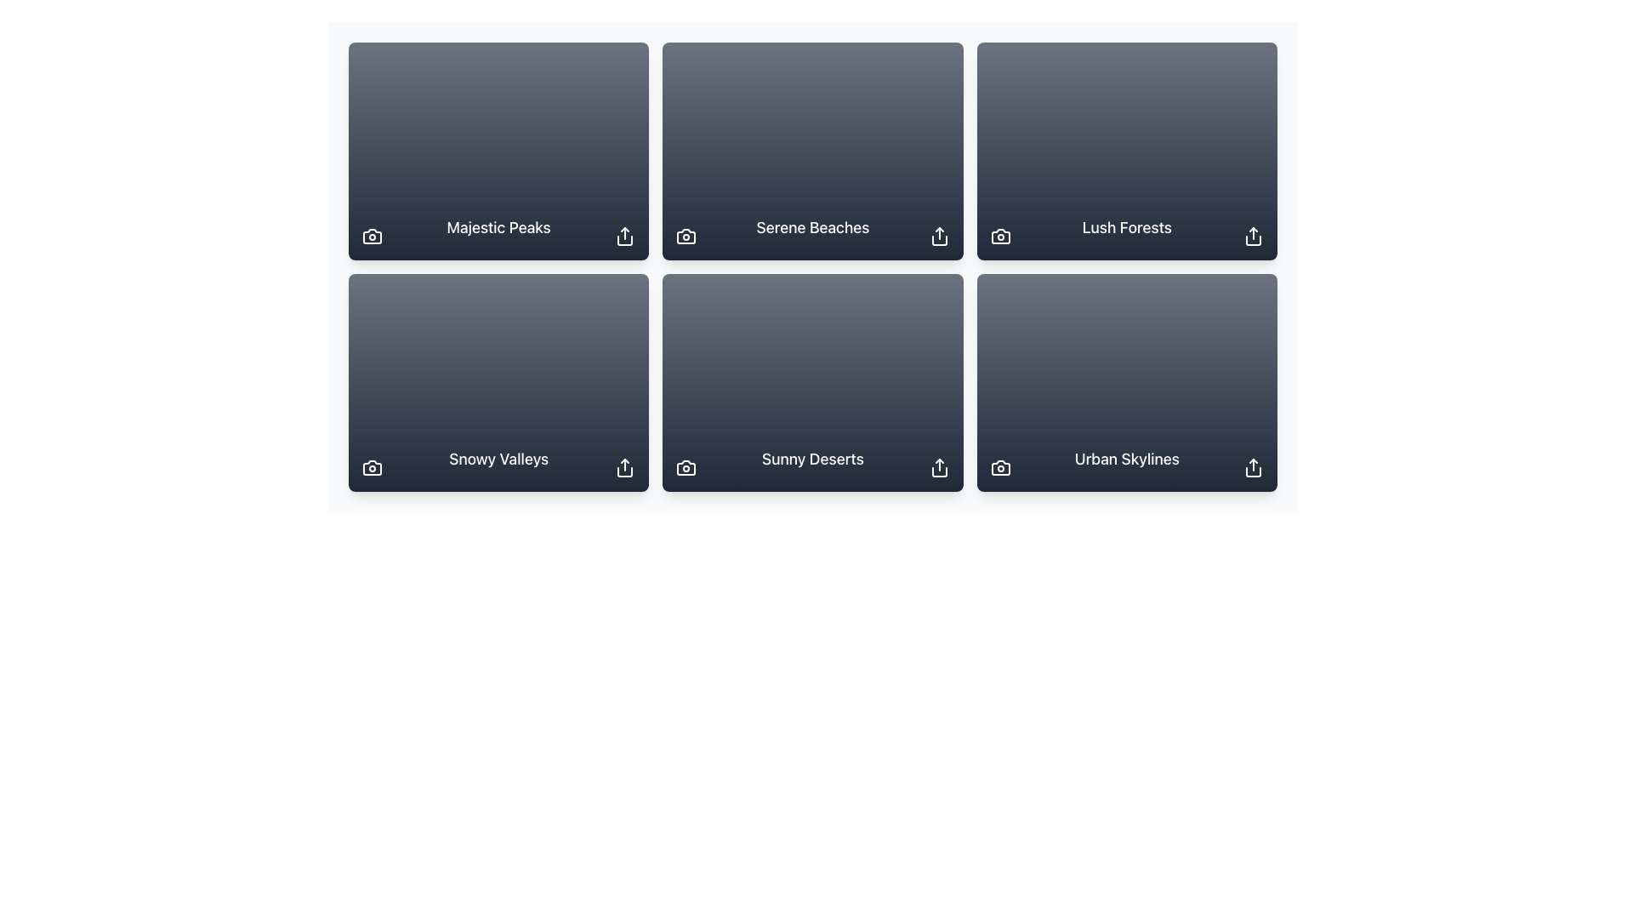  Describe the element at coordinates (1127, 150) in the screenshot. I see `the third card in the top row of the gallery layout` at that location.